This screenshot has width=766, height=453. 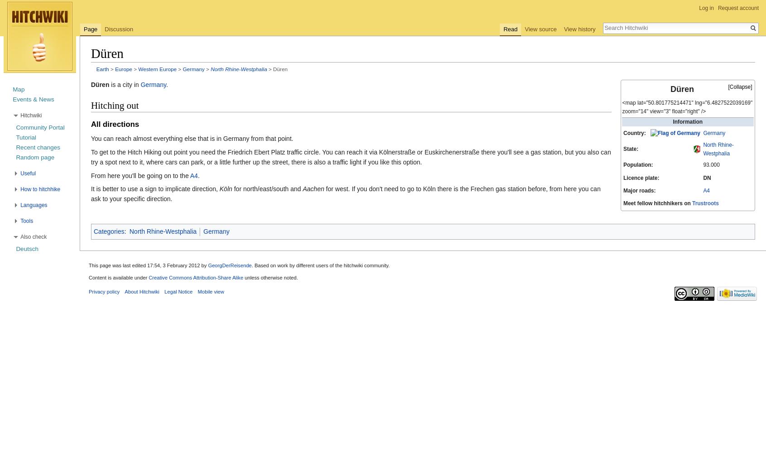 What do you see at coordinates (115, 124) in the screenshot?
I see `'All directions'` at bounding box center [115, 124].